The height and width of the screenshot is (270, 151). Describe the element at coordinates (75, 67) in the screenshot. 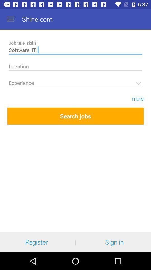

I see `type the location` at that location.